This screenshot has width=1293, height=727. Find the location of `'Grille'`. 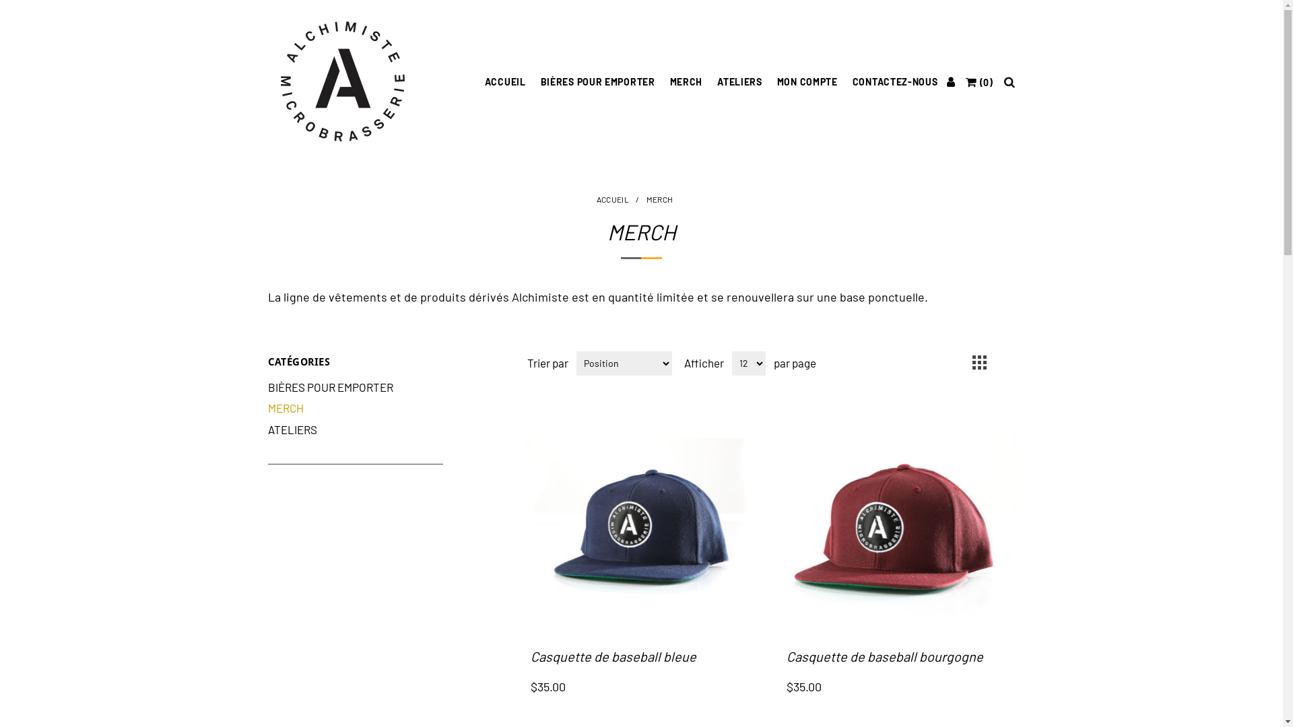

'Grille' is located at coordinates (979, 361).